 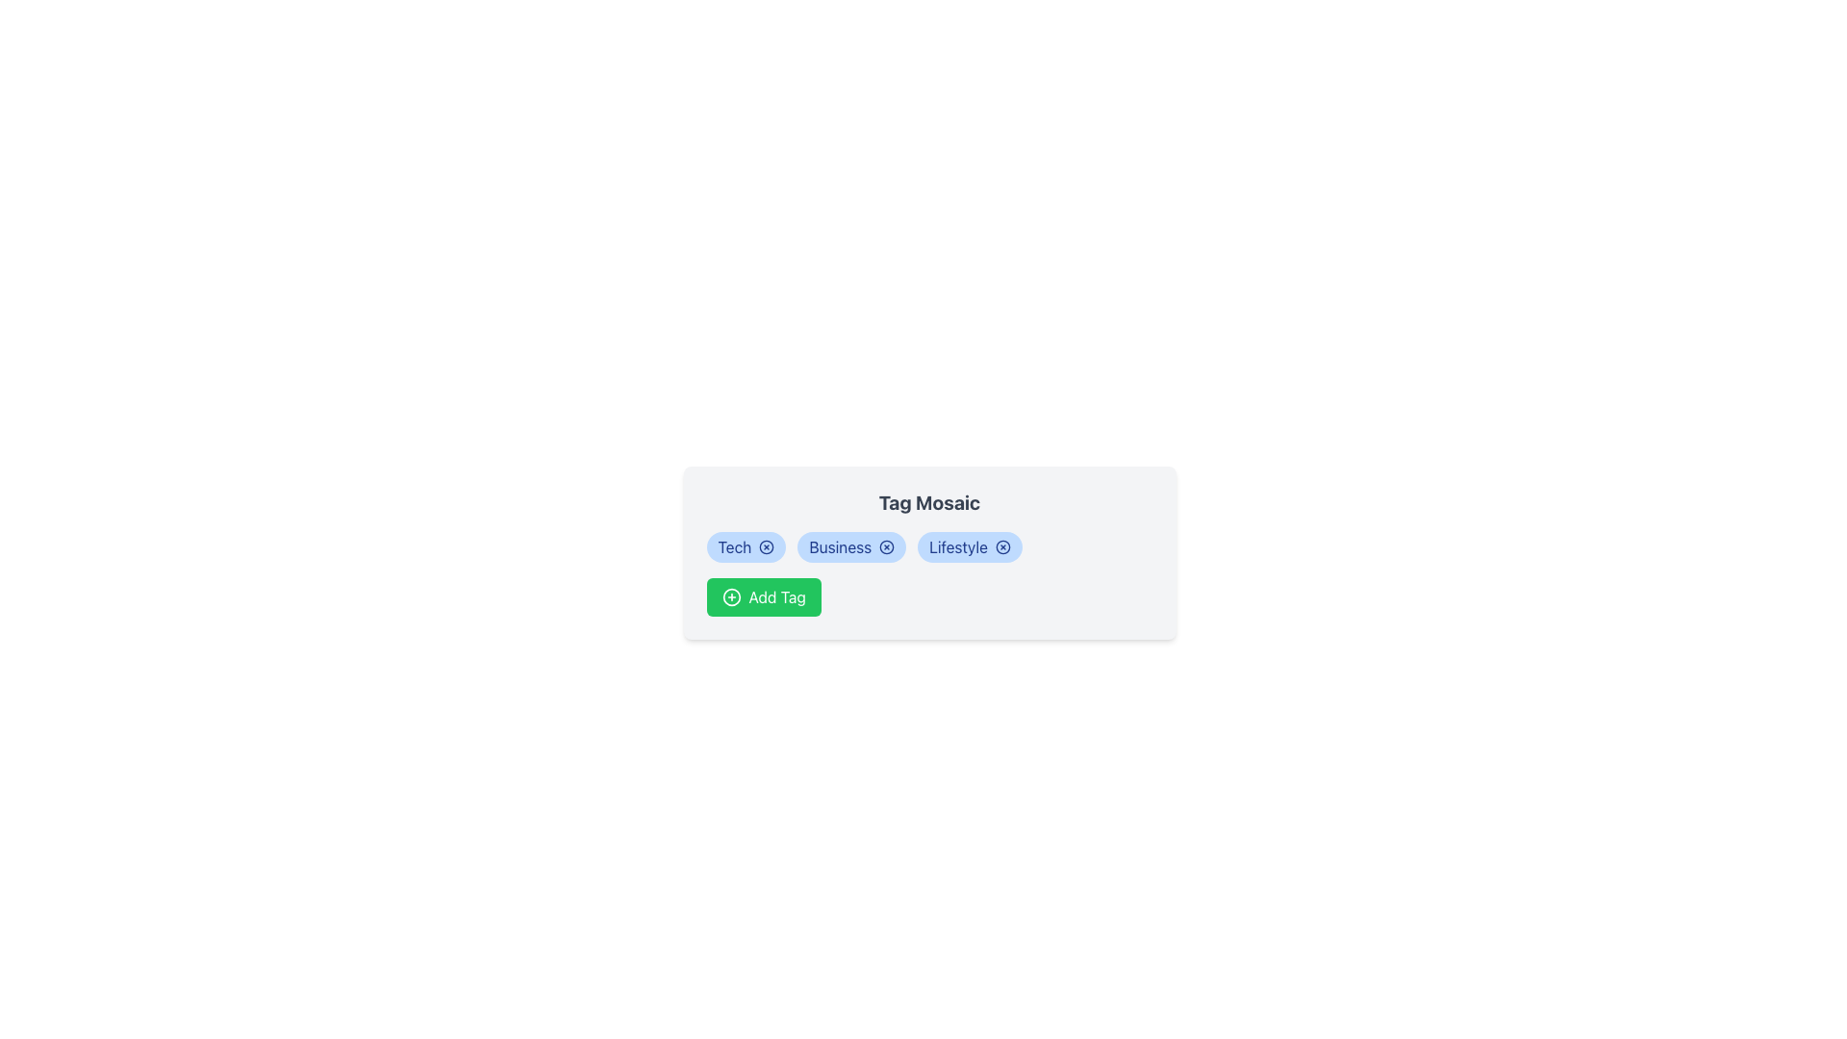 What do you see at coordinates (730, 596) in the screenshot?
I see `the circular icon with a plus sign inside, which is located within the green 'Add Tag' button at the bottom of the card-like UI section` at bounding box center [730, 596].